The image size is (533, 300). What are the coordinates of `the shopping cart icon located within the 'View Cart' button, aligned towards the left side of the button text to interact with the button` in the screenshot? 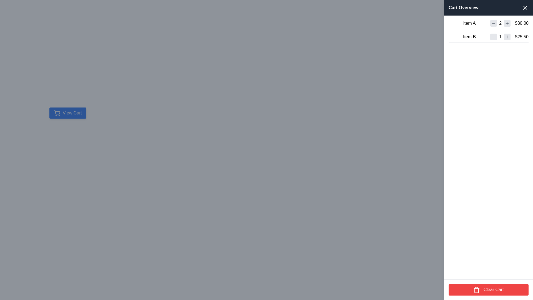 It's located at (57, 112).